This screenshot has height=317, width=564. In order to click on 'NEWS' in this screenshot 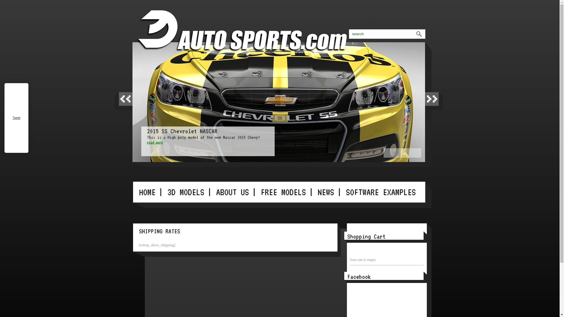, I will do `click(325, 192)`.